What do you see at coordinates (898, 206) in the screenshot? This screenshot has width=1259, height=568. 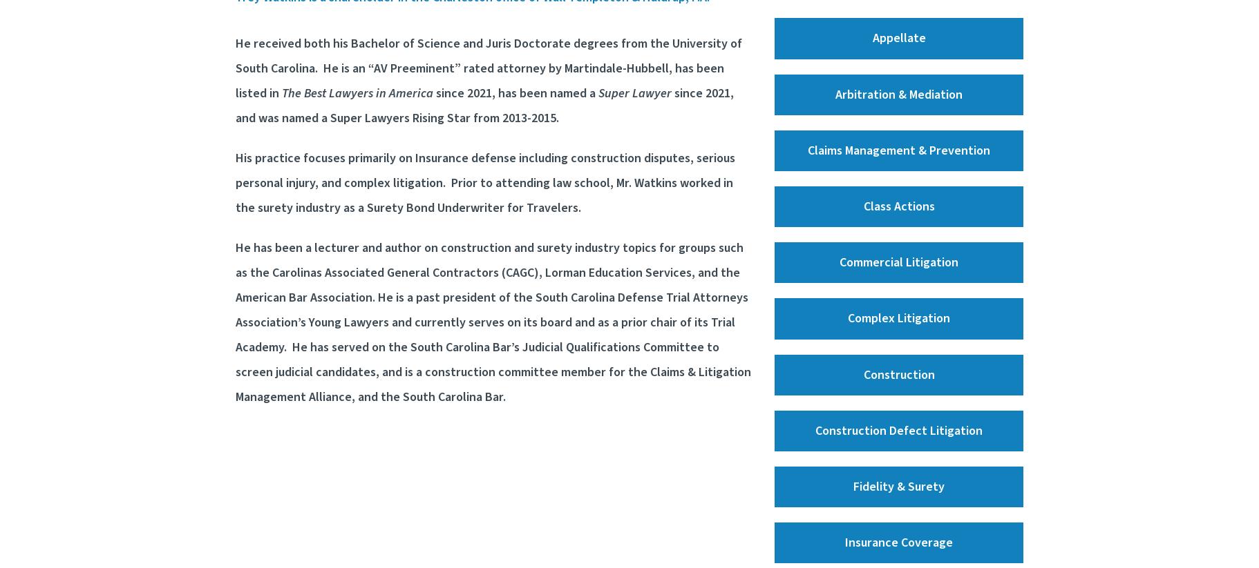 I see `'Class Actions'` at bounding box center [898, 206].